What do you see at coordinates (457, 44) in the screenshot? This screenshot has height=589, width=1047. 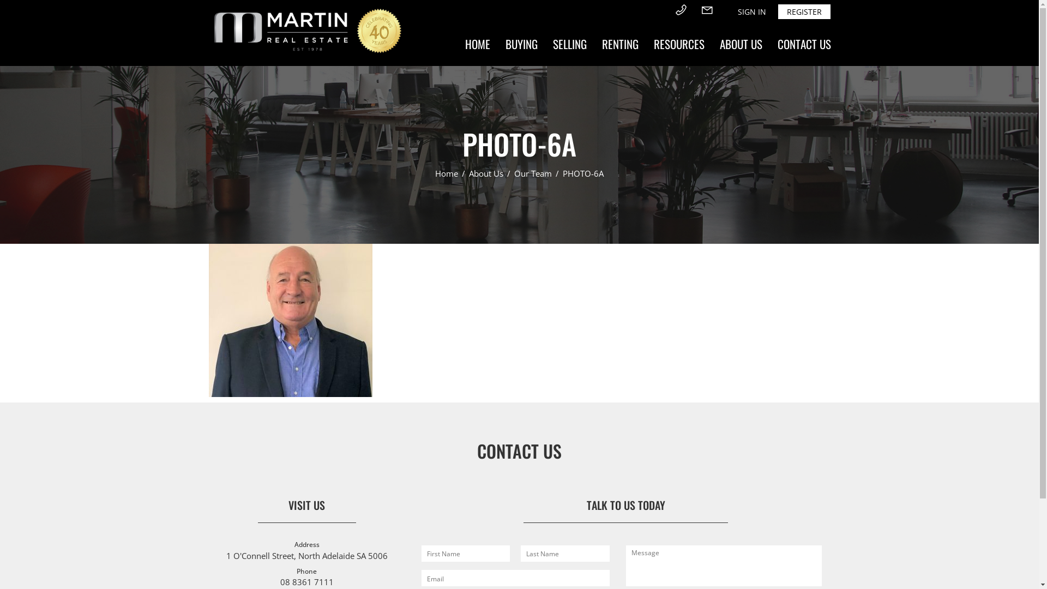 I see `'HOME'` at bounding box center [457, 44].